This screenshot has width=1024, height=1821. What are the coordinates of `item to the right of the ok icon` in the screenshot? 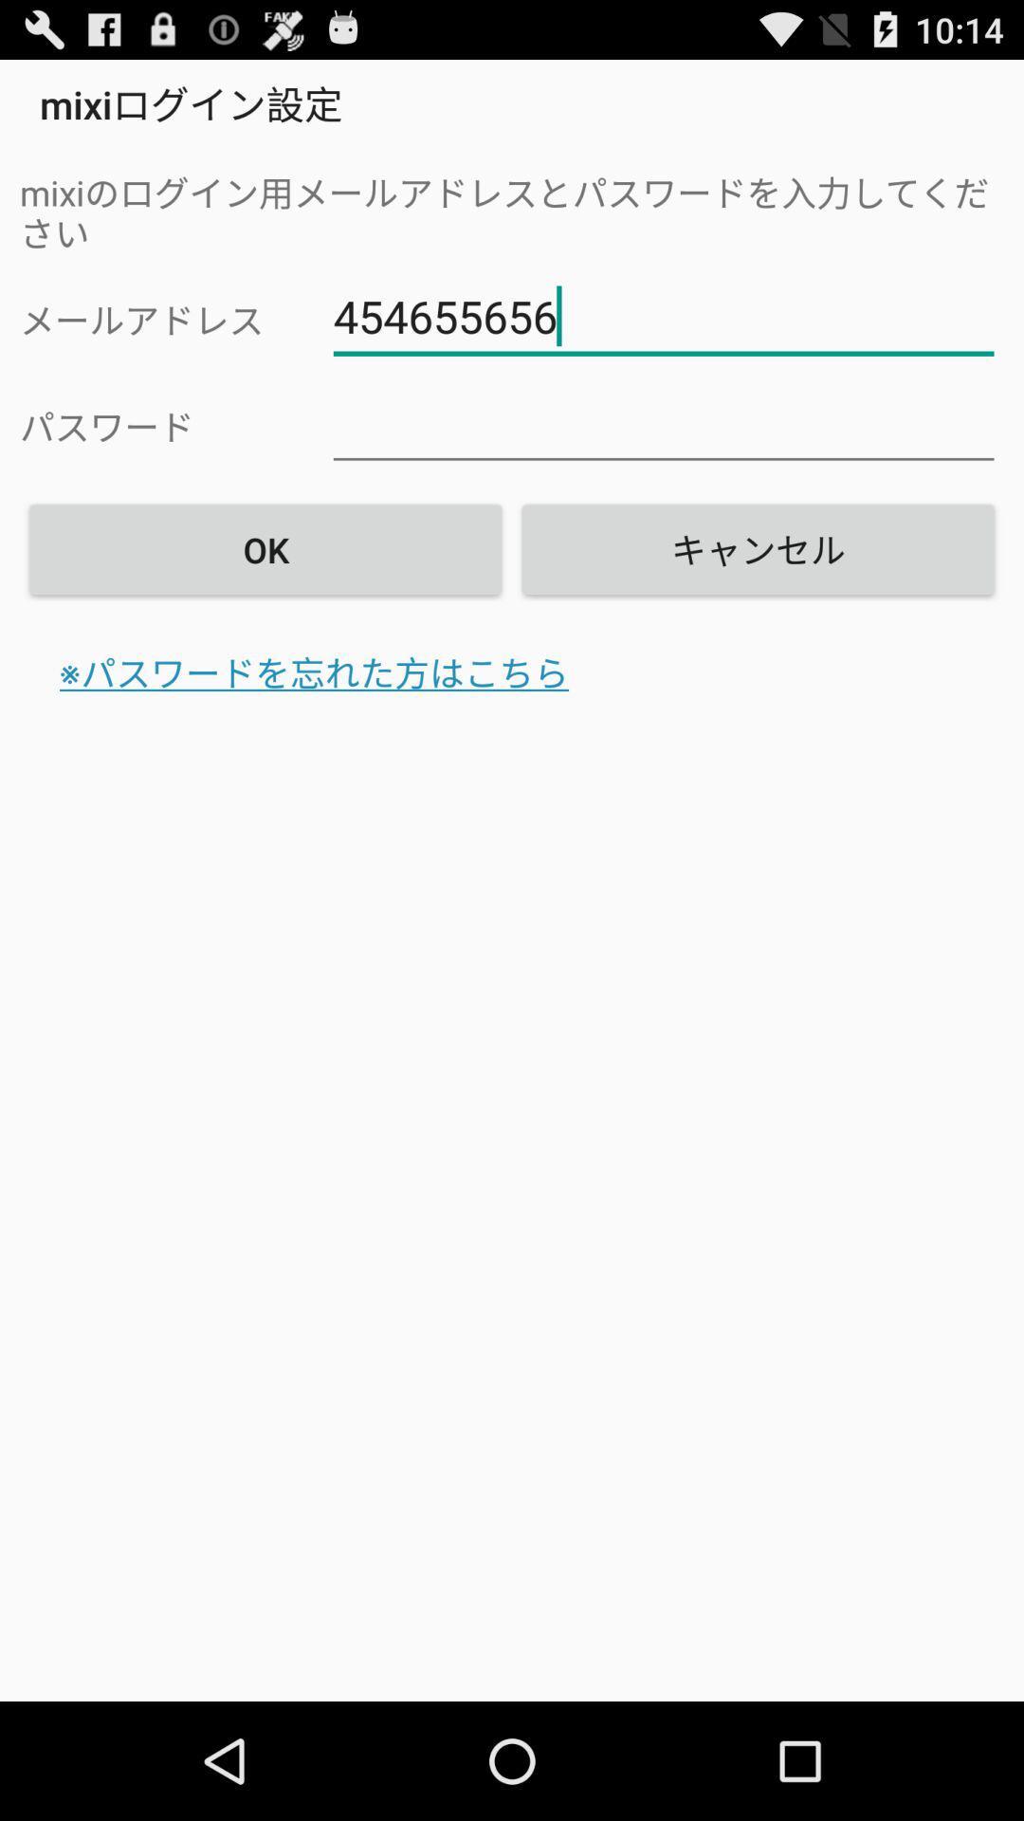 It's located at (757, 548).